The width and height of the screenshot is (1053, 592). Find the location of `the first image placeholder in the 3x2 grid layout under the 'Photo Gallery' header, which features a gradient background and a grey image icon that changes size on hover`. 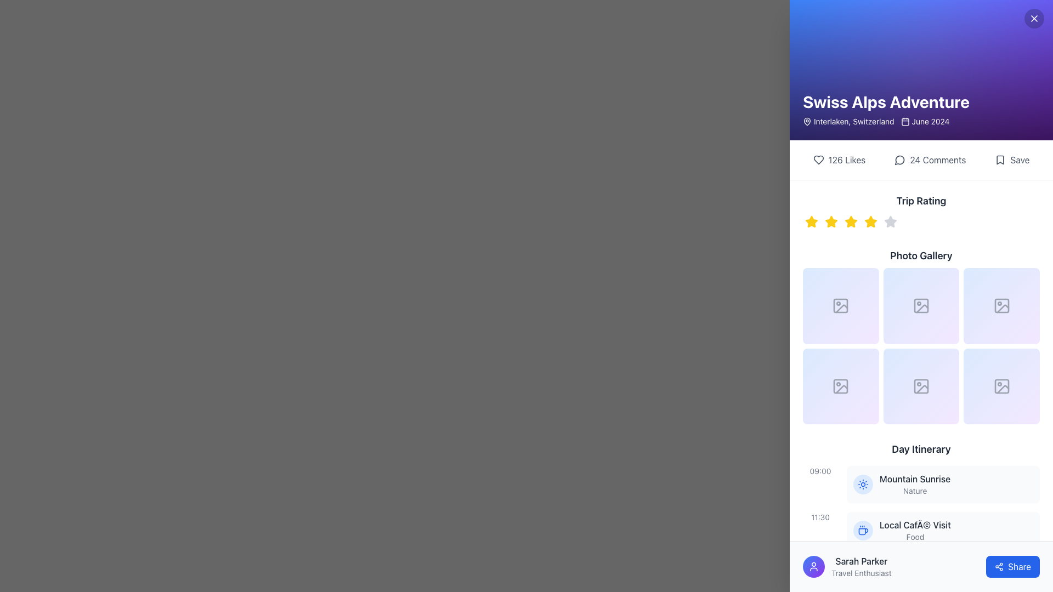

the first image placeholder in the 3x2 grid layout under the 'Photo Gallery' header, which features a gradient background and a grey image icon that changes size on hover is located at coordinates (840, 306).